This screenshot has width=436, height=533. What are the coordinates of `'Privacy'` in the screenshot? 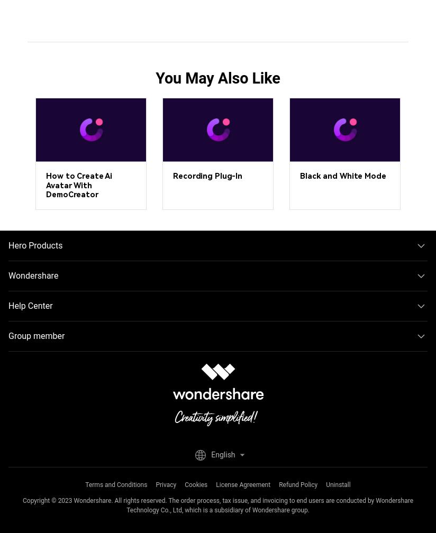 It's located at (166, 484).